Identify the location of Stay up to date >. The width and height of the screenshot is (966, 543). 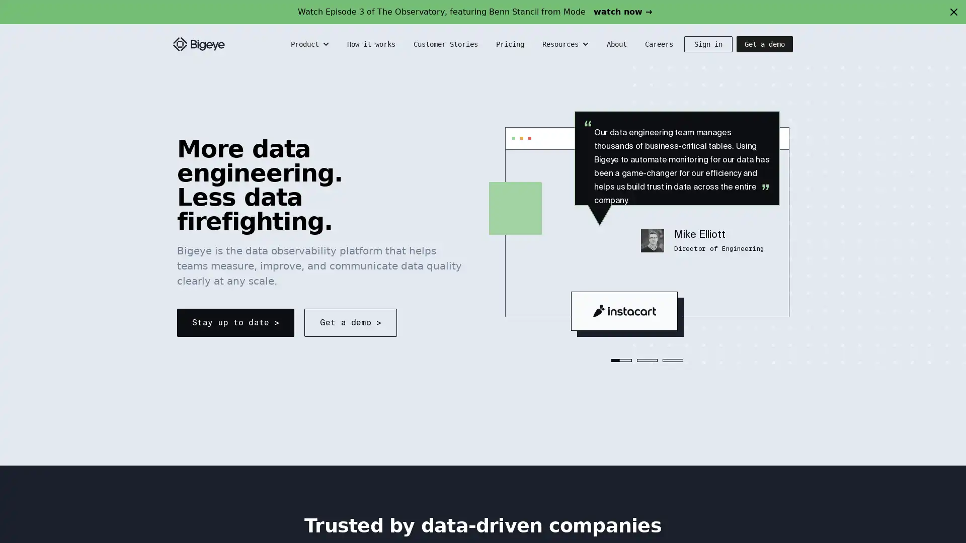
(235, 322).